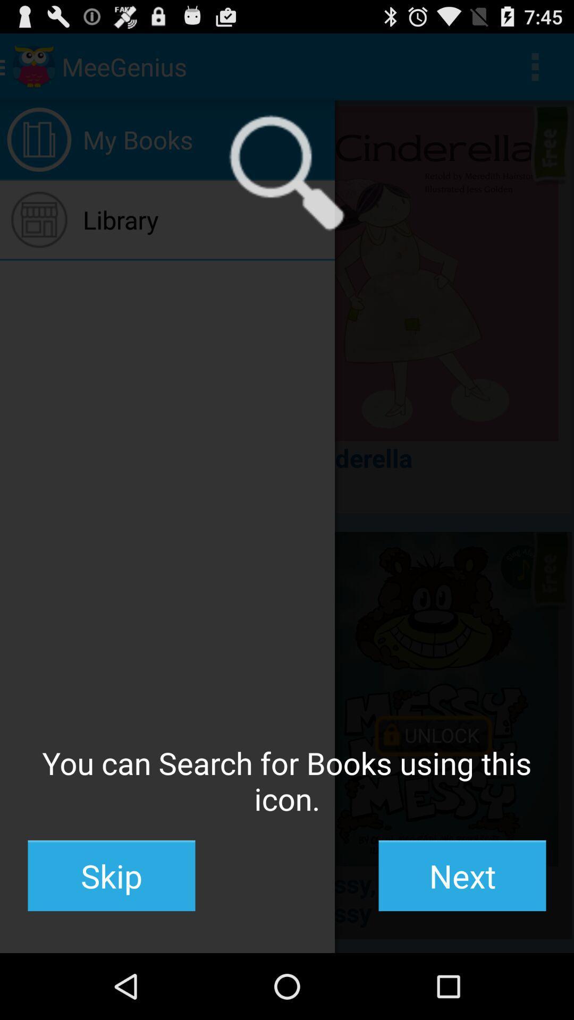  Describe the element at coordinates (462, 875) in the screenshot. I see `button to the right of skip button` at that location.